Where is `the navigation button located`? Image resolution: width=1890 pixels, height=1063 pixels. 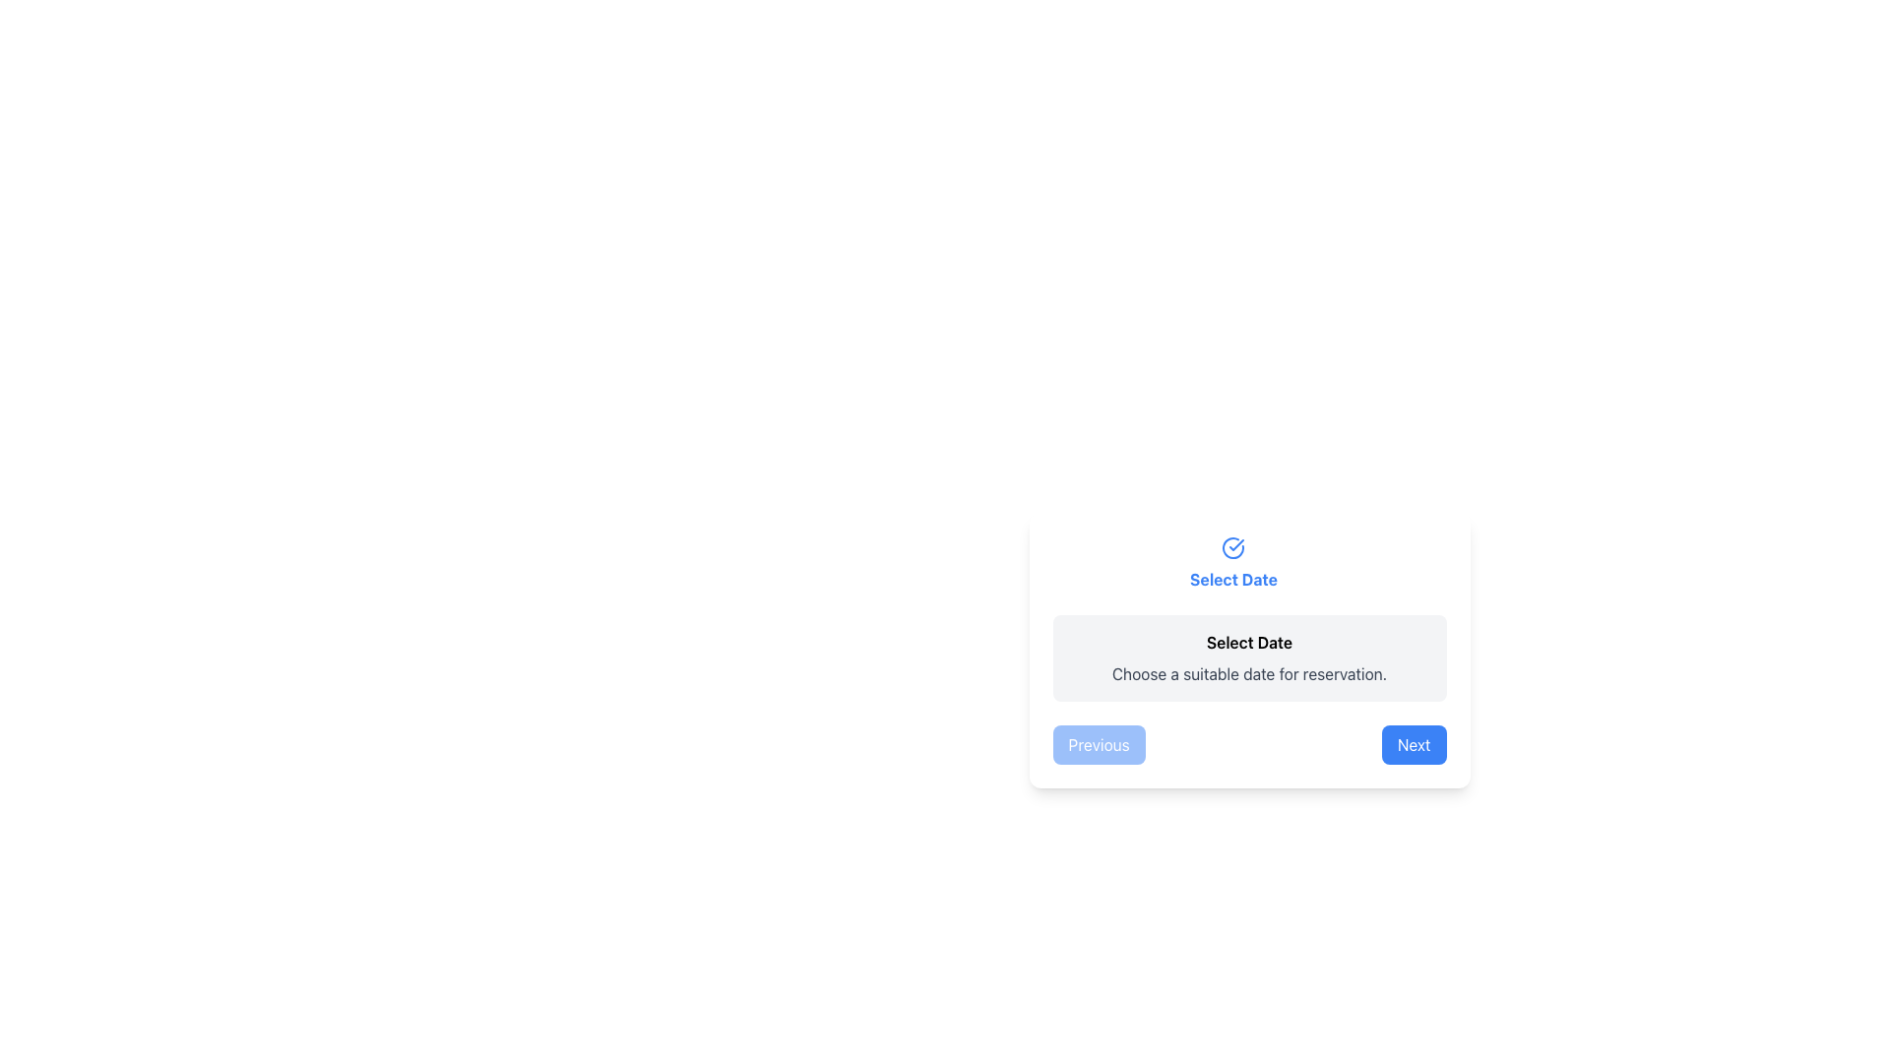
the navigation button located is located at coordinates (1412, 744).